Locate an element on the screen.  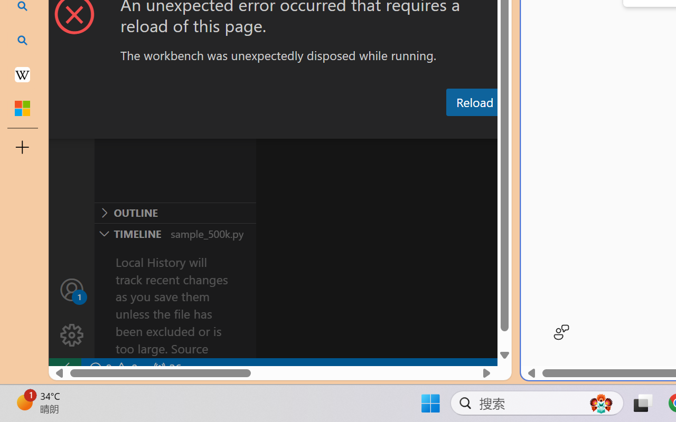
'Timeline Section' is located at coordinates (175, 233).